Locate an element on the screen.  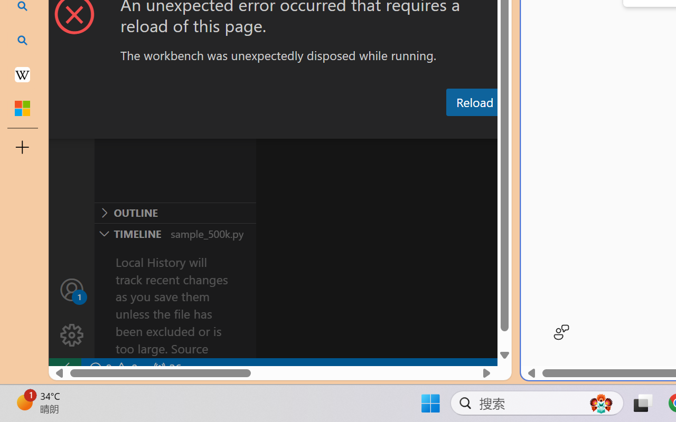
'Timeline Section' is located at coordinates (175, 233).